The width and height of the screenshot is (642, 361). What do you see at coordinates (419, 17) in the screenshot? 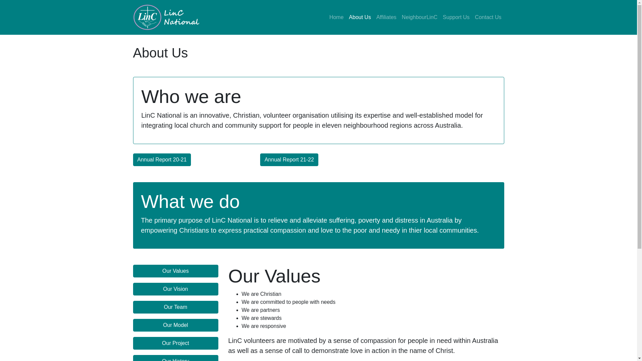
I see `'NeighbourLinC'` at bounding box center [419, 17].